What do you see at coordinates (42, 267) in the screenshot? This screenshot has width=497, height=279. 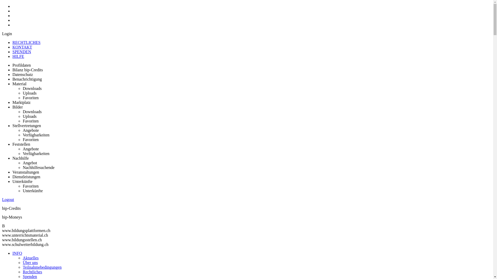 I see `'Teilnahmebedingungen'` at bounding box center [42, 267].